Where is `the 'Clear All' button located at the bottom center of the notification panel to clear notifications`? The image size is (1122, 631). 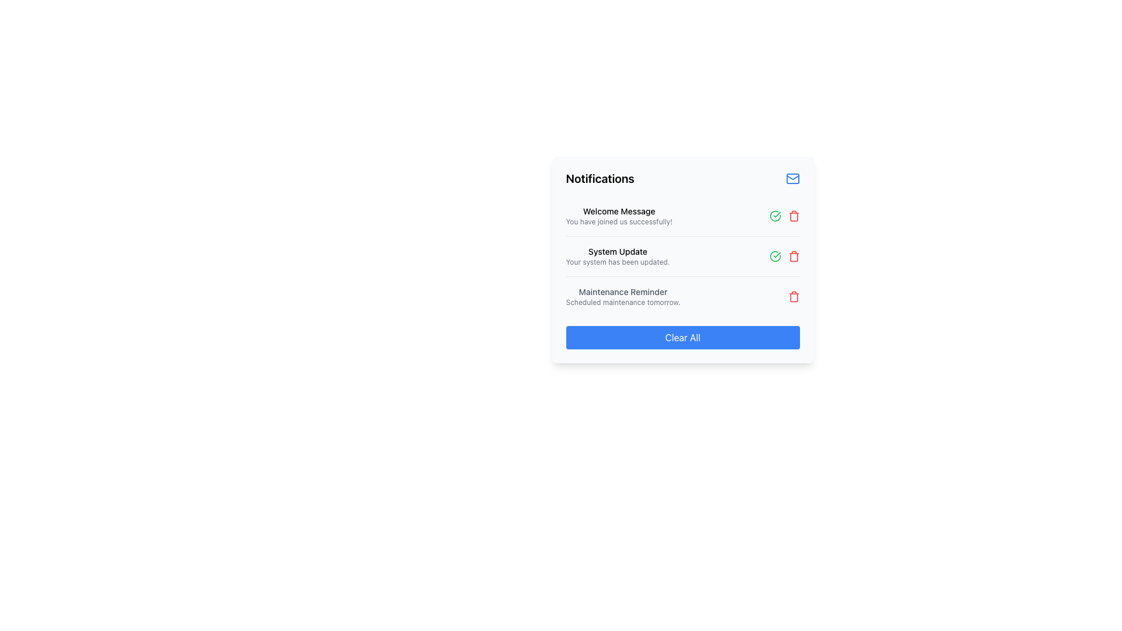 the 'Clear All' button located at the bottom center of the notification panel to clear notifications is located at coordinates (683, 338).